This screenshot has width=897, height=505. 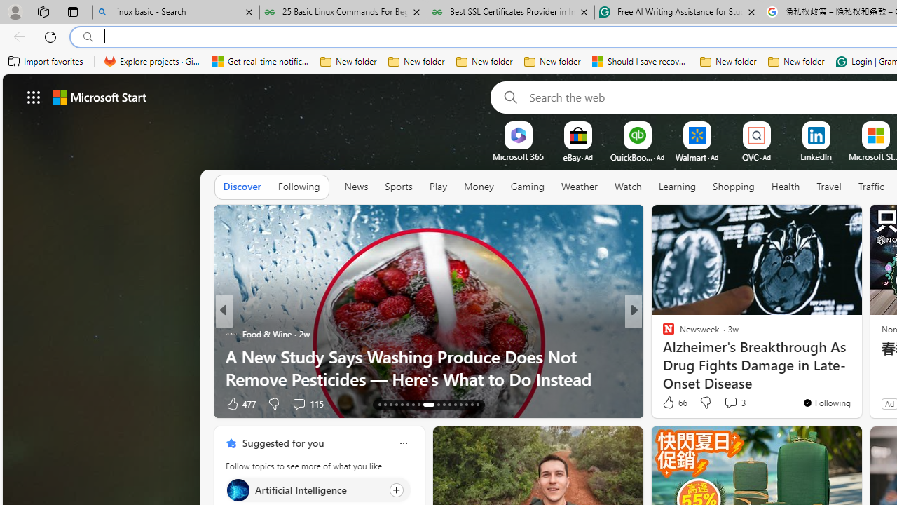 I want to click on 'View comments 16 Comment', so click(x=736, y=403).